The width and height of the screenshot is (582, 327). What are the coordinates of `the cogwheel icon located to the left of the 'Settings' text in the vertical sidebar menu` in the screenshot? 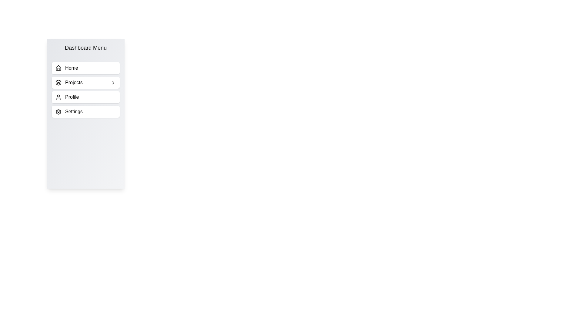 It's located at (58, 112).